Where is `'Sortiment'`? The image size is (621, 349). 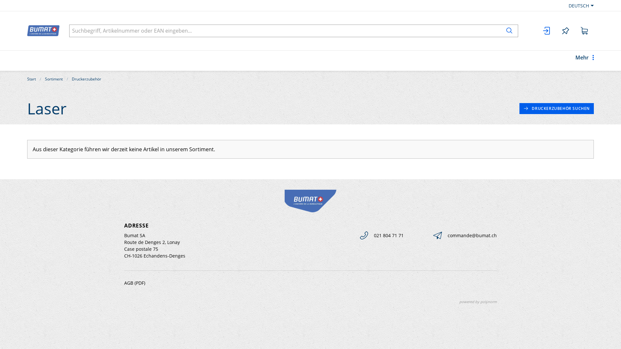
'Sortiment' is located at coordinates (54, 79).